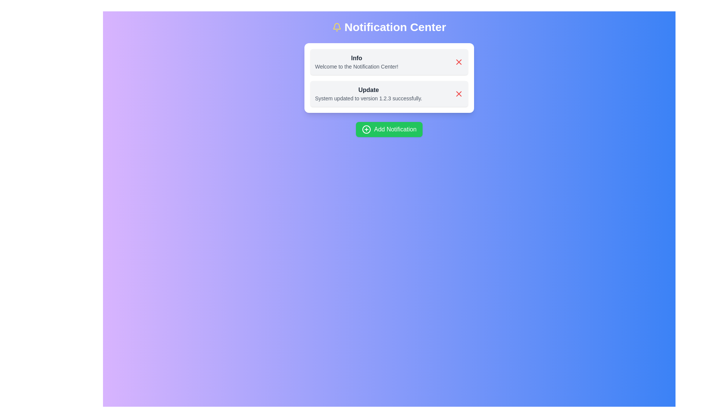 The image size is (727, 409). Describe the element at coordinates (458, 93) in the screenshot. I see `the Close button located within the second notification card, which is associated with the 'Update' text label` at that location.